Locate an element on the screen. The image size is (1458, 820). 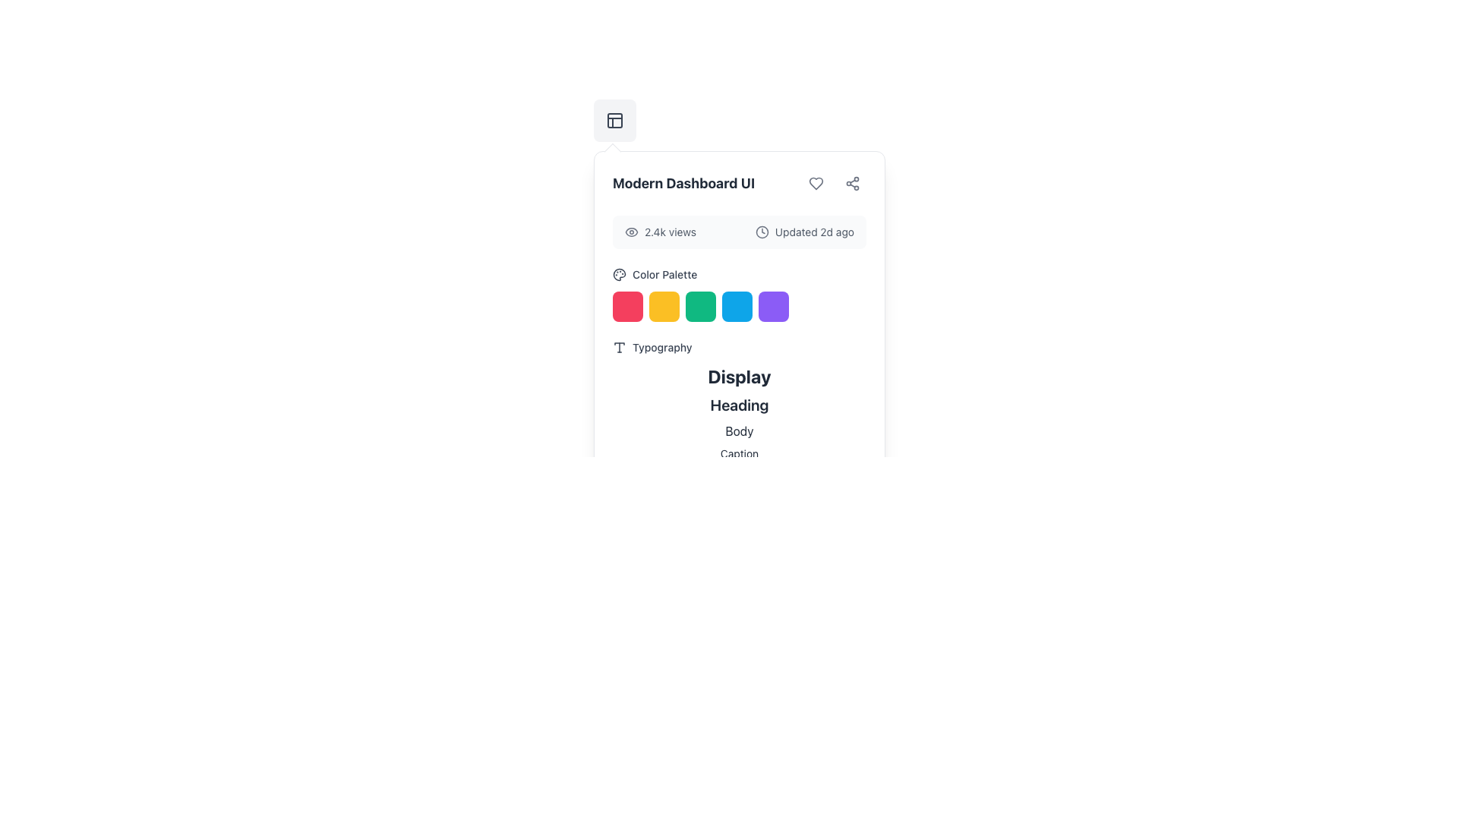
the SVG Rectangle element located in the top-left corner of the dashboard UI, which represents a specific feature or section is located at coordinates (615, 119).